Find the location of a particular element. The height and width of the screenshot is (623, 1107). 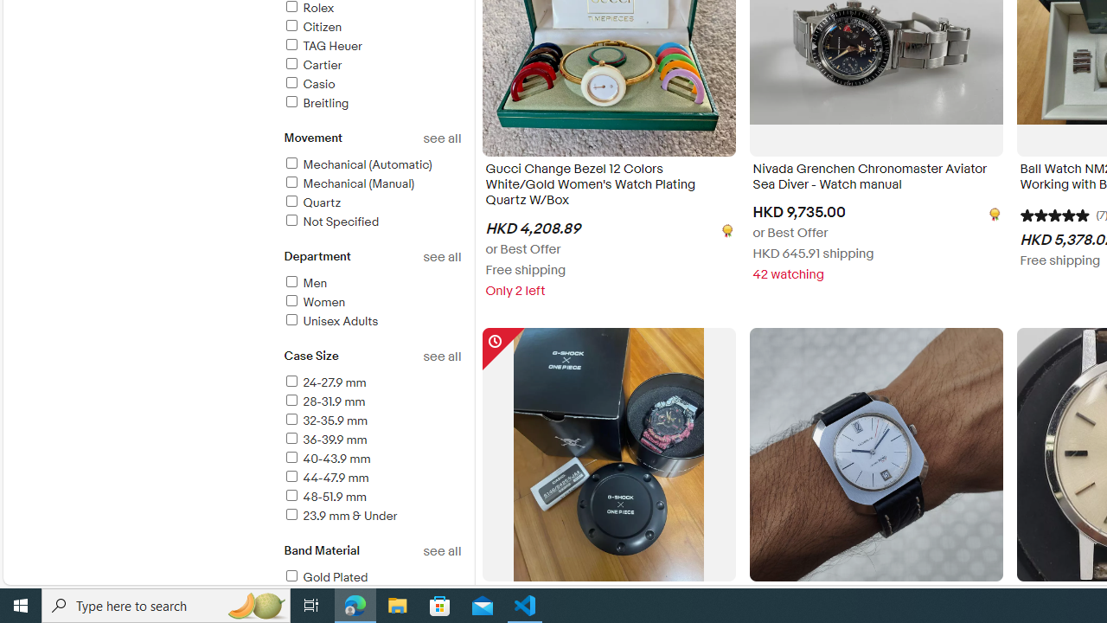

'TAG Heuer' is located at coordinates (322, 45).